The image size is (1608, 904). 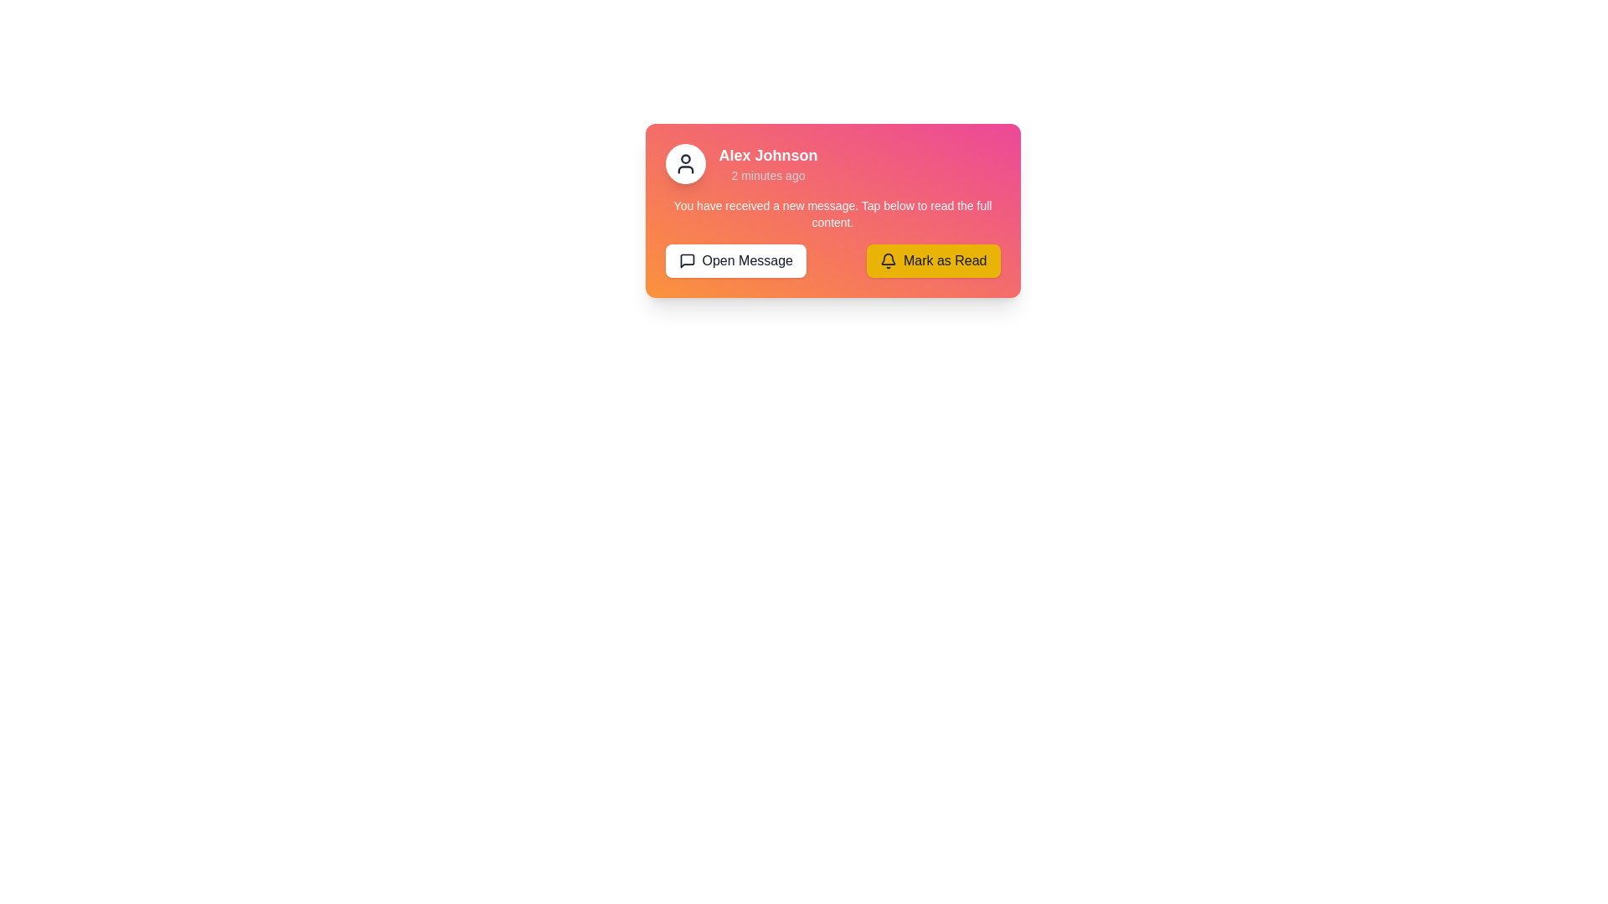 What do you see at coordinates (932, 261) in the screenshot?
I see `the button located at the bottom-right corner of the card-like interface, which marks a notification as read` at bounding box center [932, 261].